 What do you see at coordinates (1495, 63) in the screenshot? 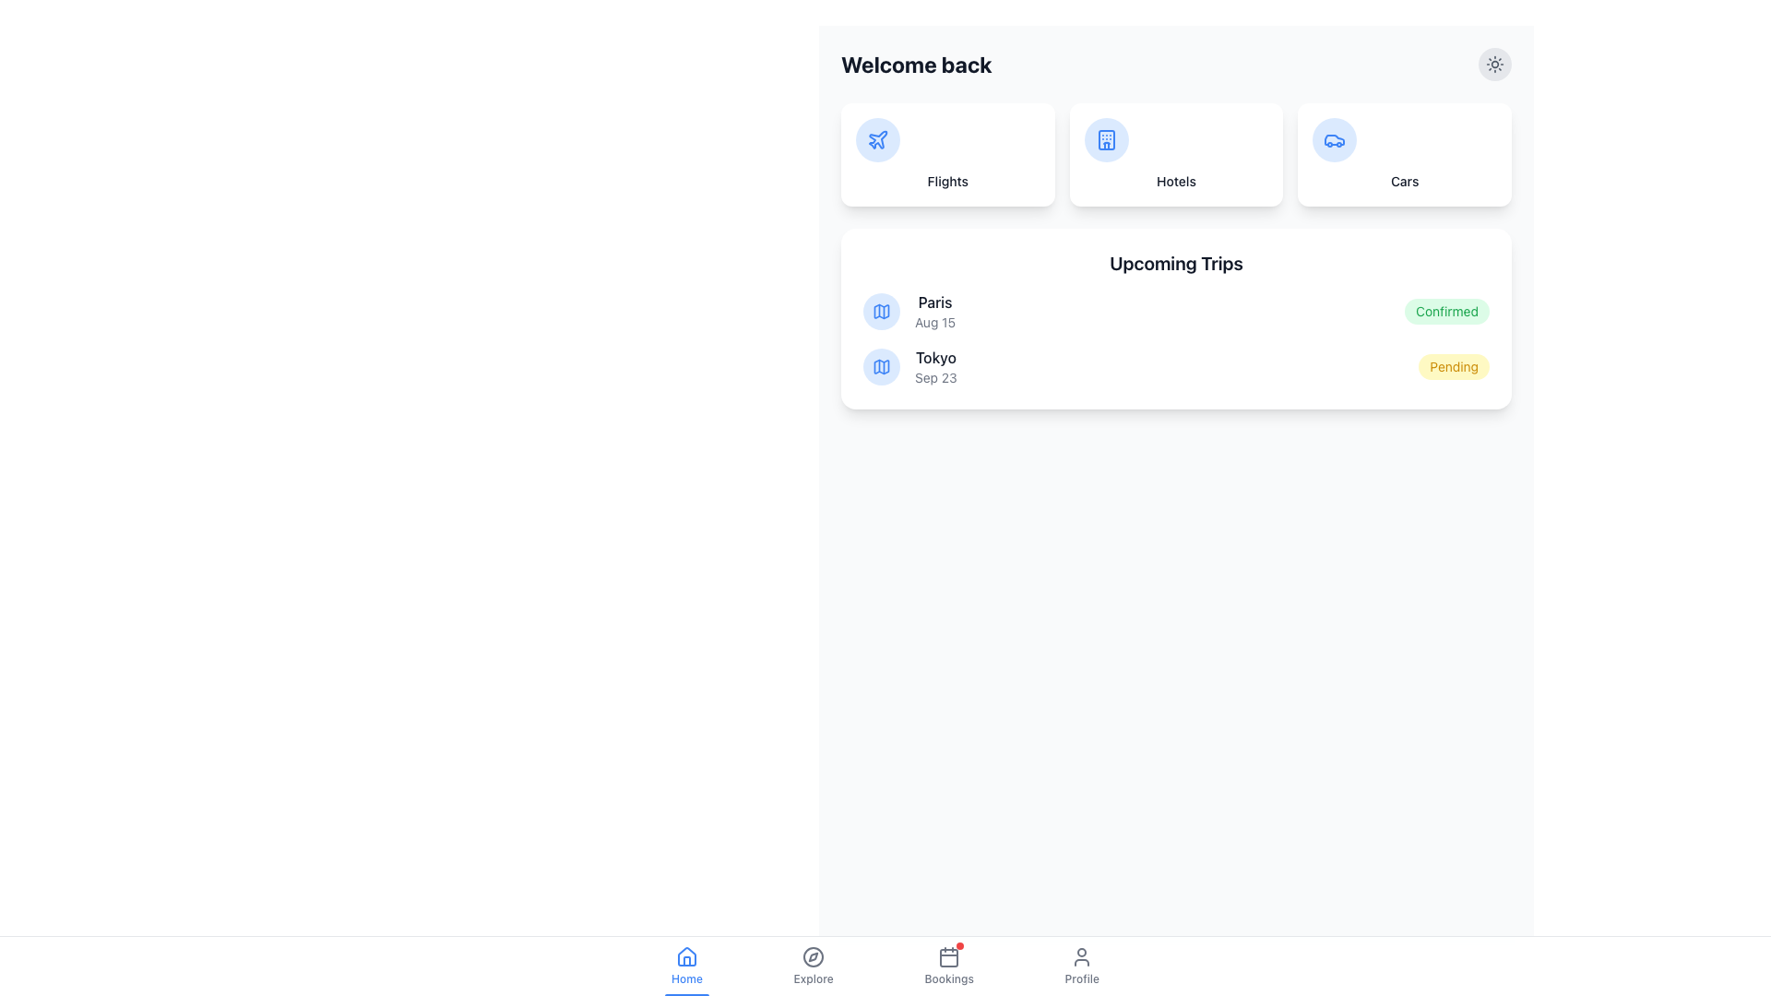
I see `the sun-like icon located at the top right corner of the main interface` at bounding box center [1495, 63].